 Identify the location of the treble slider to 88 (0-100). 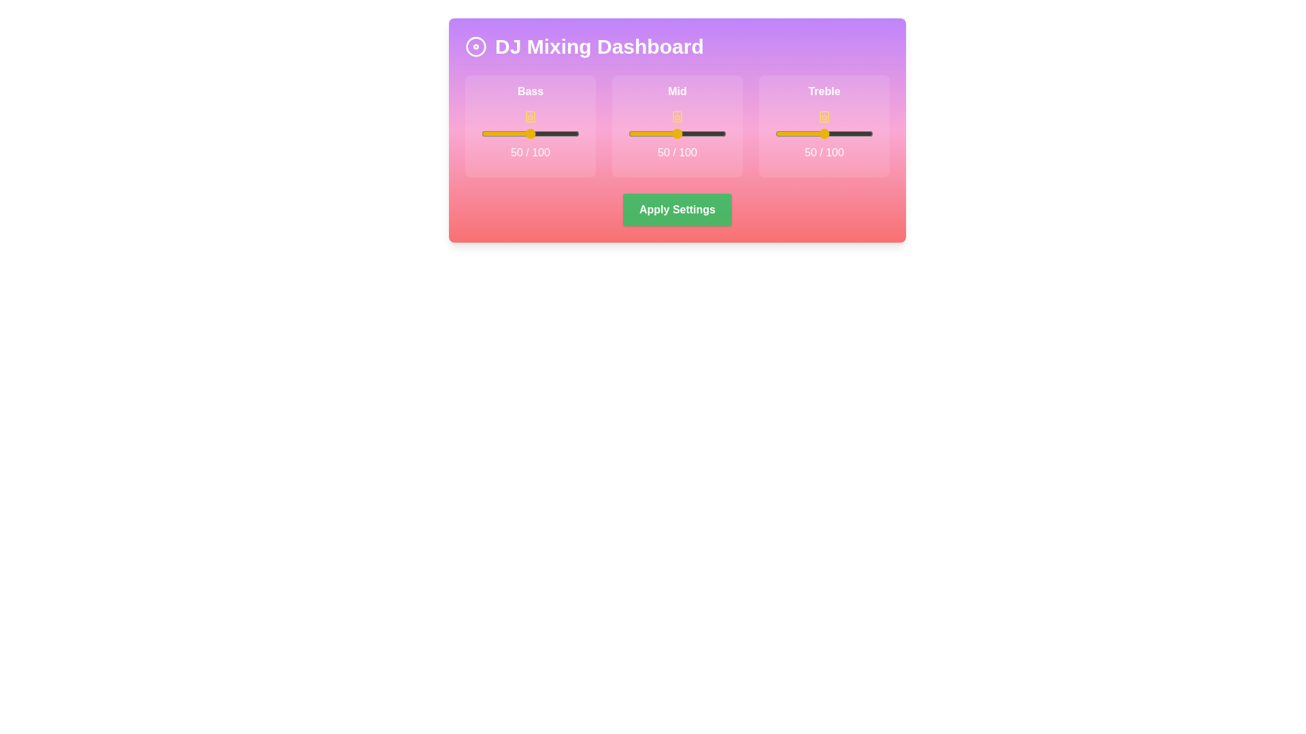
(860, 133).